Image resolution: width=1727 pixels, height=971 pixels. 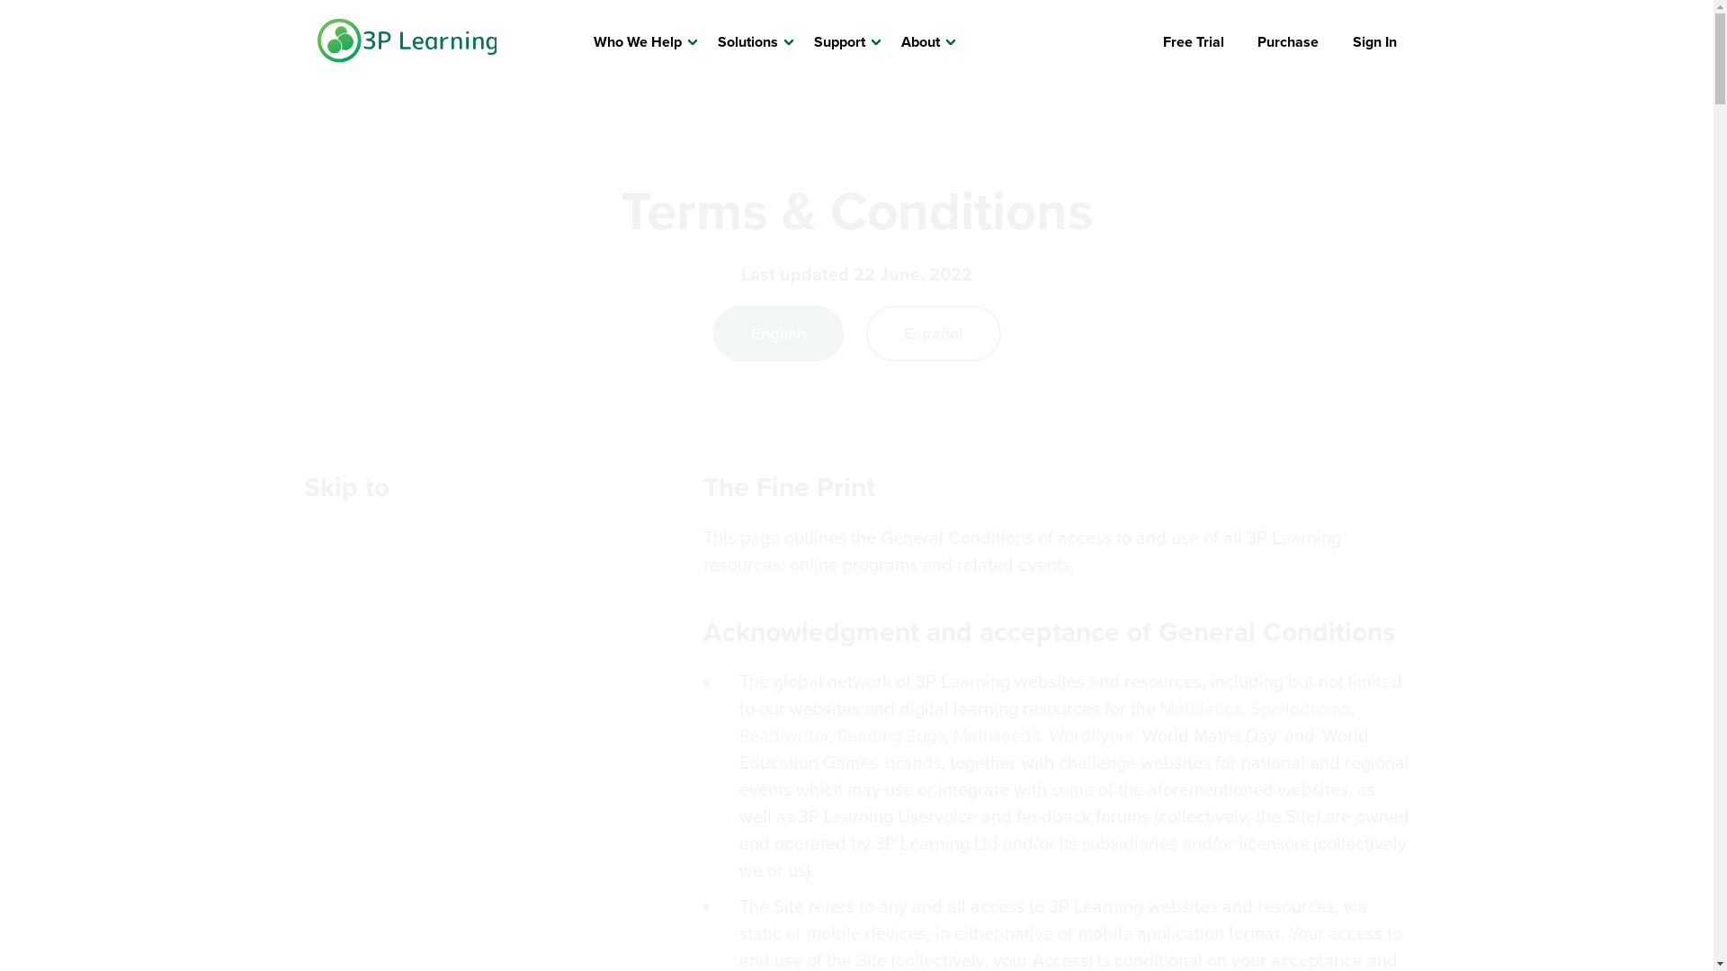 What do you see at coordinates (1095, 735) in the screenshot?
I see `'Wordflyers,'` at bounding box center [1095, 735].